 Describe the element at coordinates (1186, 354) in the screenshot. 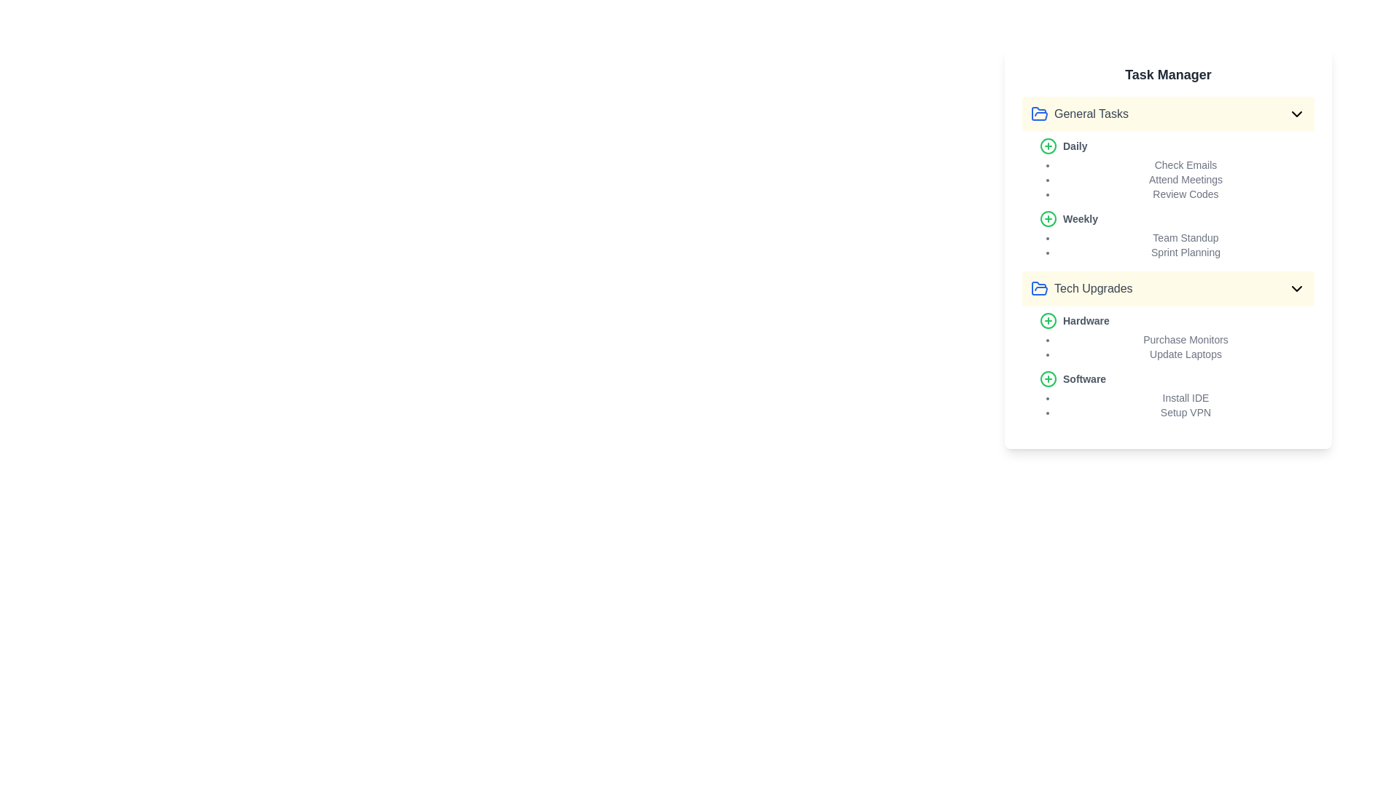

I see `the Text Label displaying 'Update Laptops', which is the second item in the vertical bulleted list under the 'Hardware' subheading in the 'Tech Upgrades' section of the Task Manager interface` at that location.